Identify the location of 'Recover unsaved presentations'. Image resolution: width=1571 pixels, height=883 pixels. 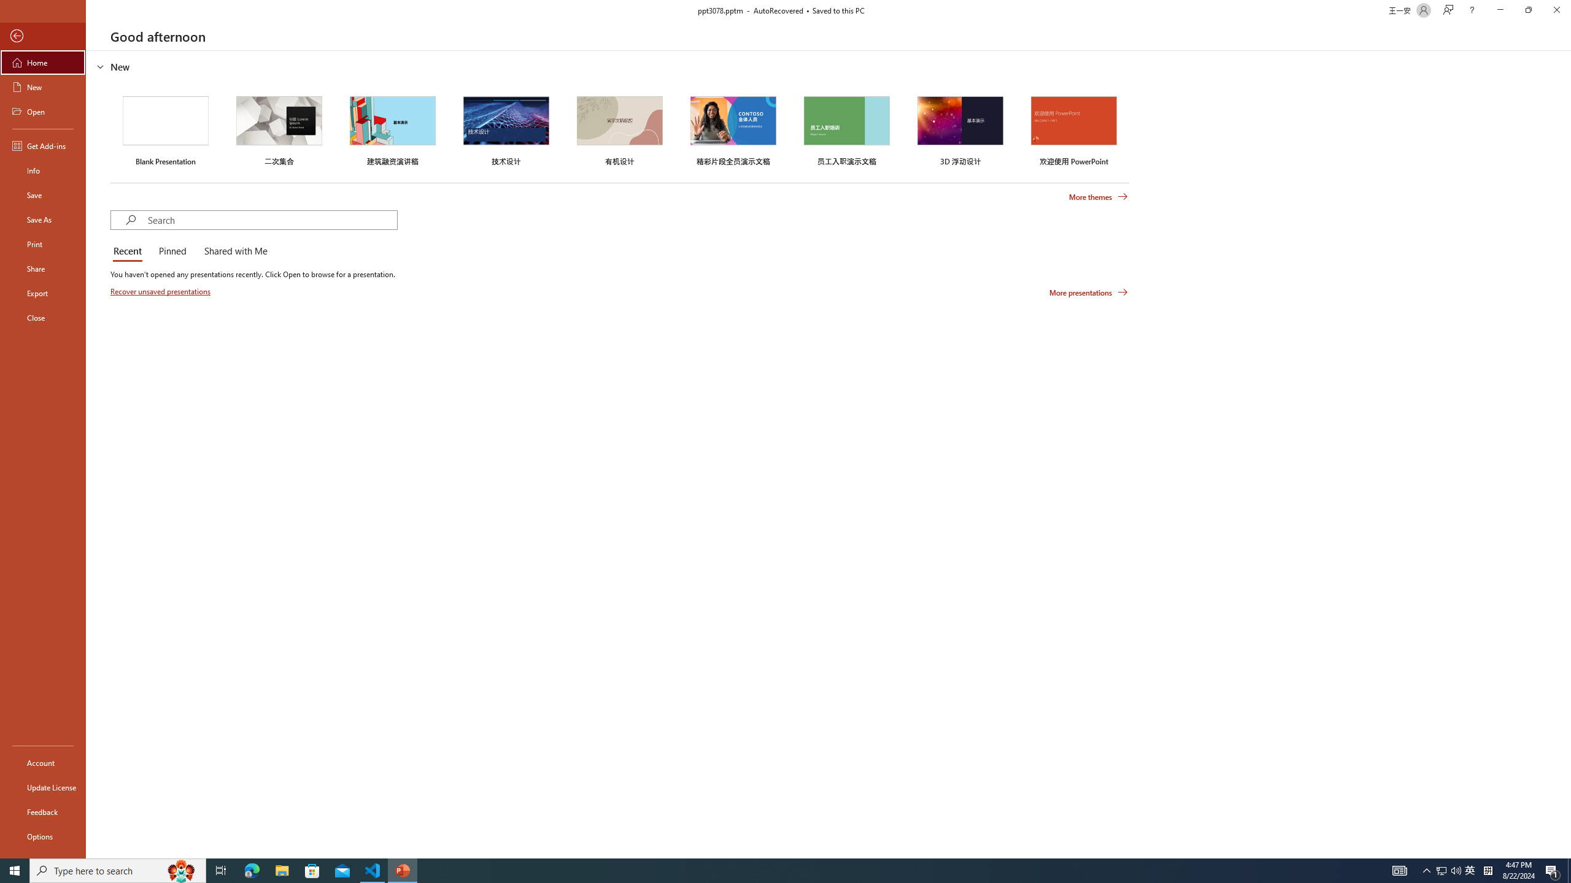
(161, 291).